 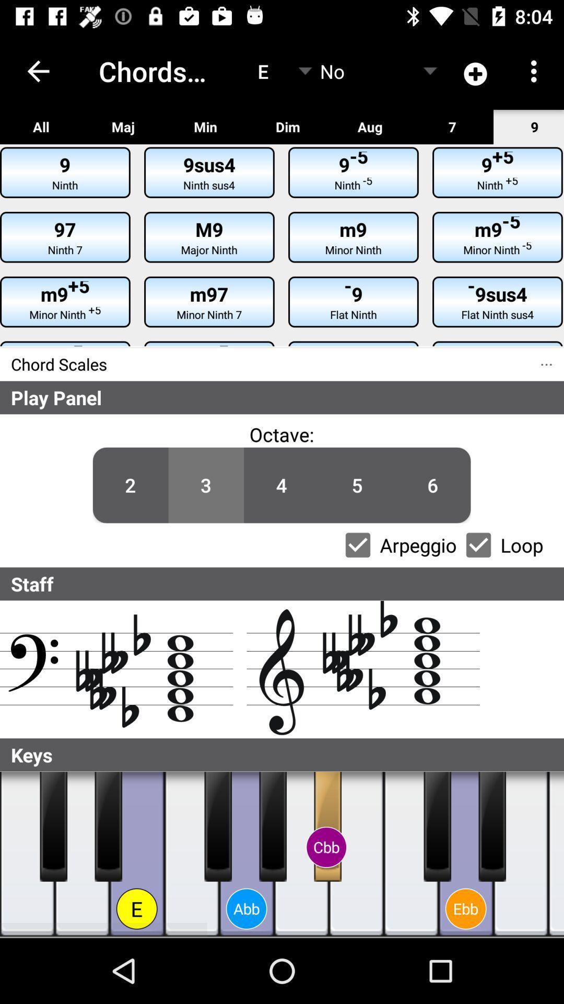 I want to click on key piano, so click(x=53, y=826).